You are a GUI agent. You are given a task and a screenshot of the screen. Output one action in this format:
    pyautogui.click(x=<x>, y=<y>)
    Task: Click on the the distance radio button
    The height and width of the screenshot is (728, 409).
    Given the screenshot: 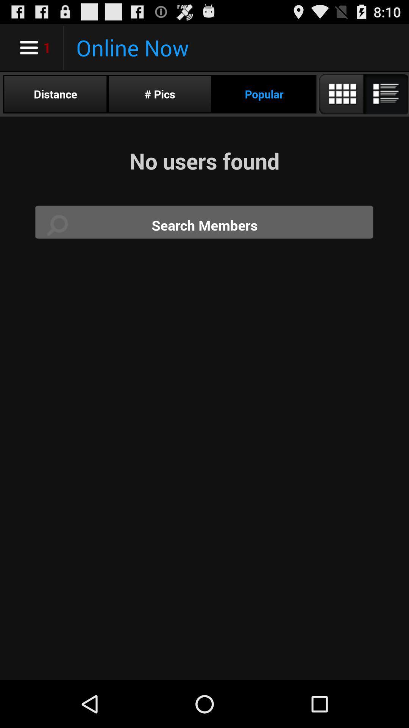 What is the action you would take?
    pyautogui.click(x=55, y=94)
    